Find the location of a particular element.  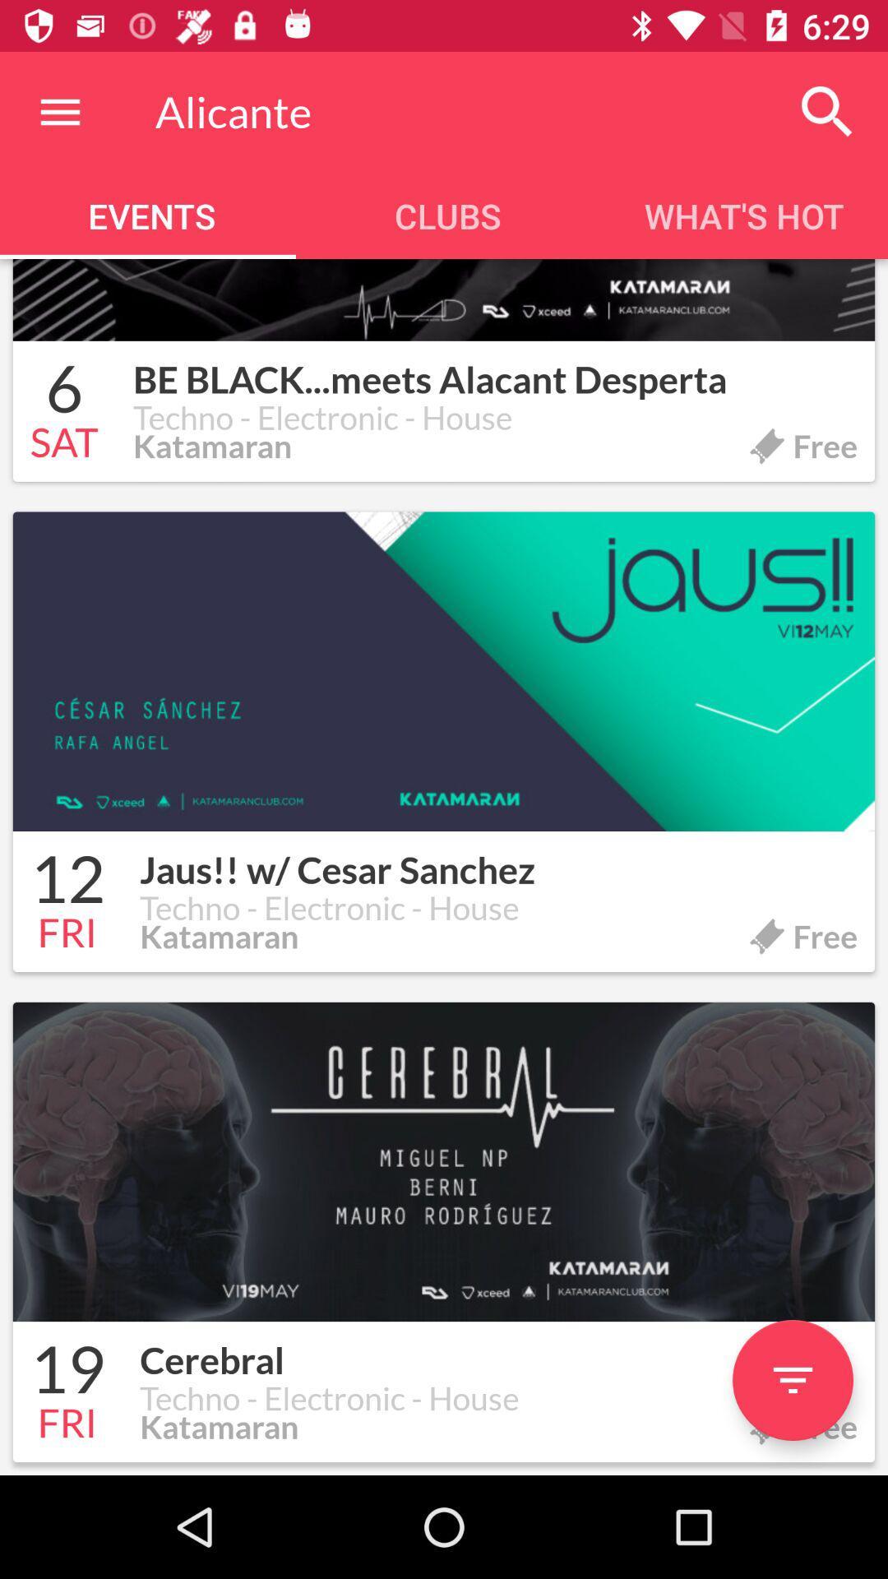

6 icon is located at coordinates (63, 391).